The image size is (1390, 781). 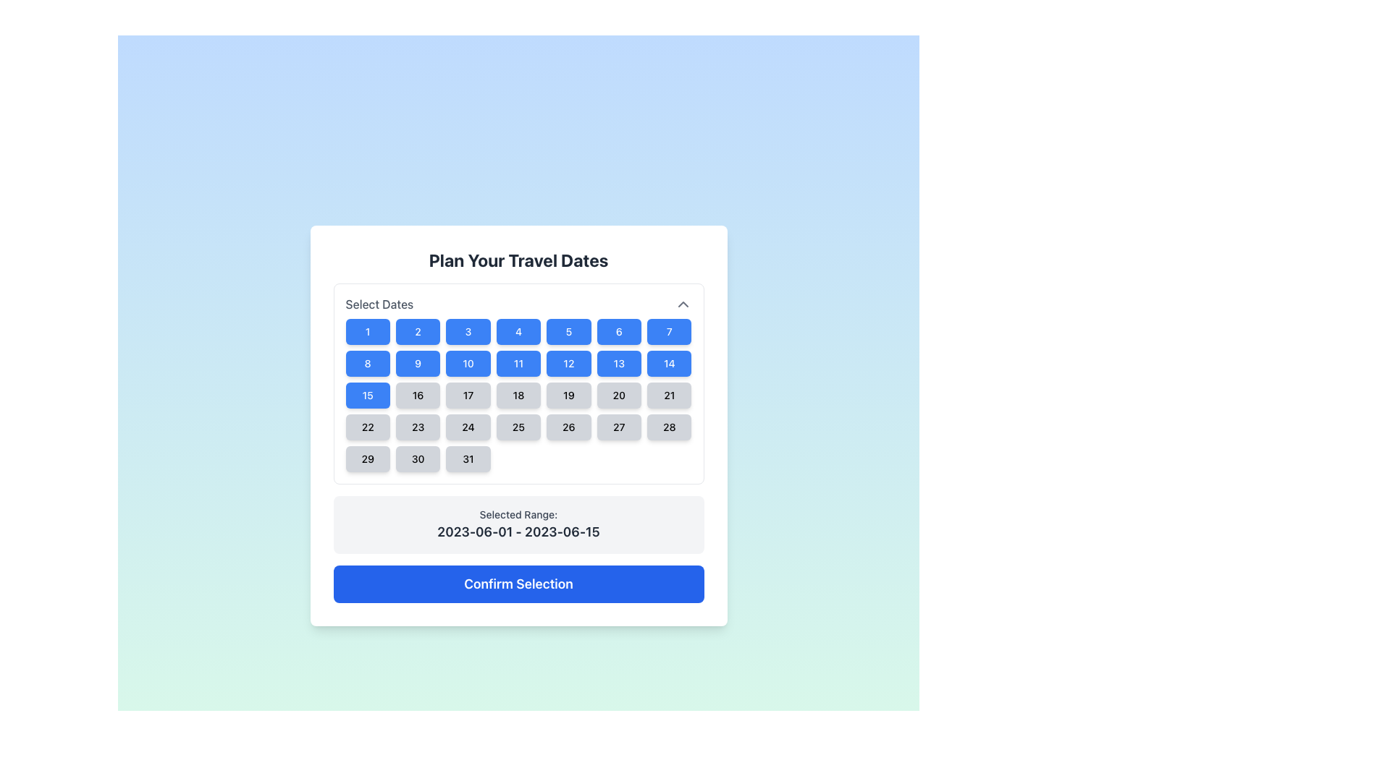 What do you see at coordinates (468, 426) in the screenshot?
I see `the button labeled '24' which is the fourth item in the fourth row of a 7-column grid` at bounding box center [468, 426].